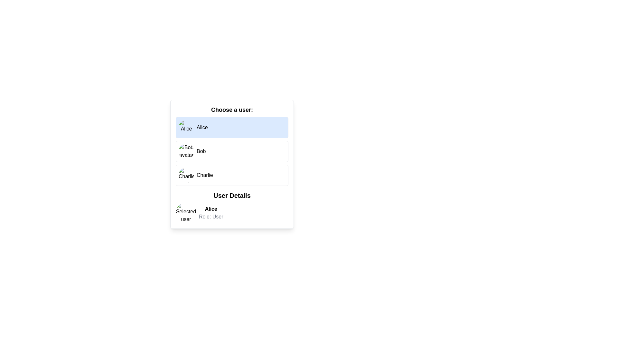 The width and height of the screenshot is (618, 348). What do you see at coordinates (211, 213) in the screenshot?
I see `the Text Display Area containing the username 'Alice' and the label 'Role: User', located in the 'User Details' section of the interface` at bounding box center [211, 213].